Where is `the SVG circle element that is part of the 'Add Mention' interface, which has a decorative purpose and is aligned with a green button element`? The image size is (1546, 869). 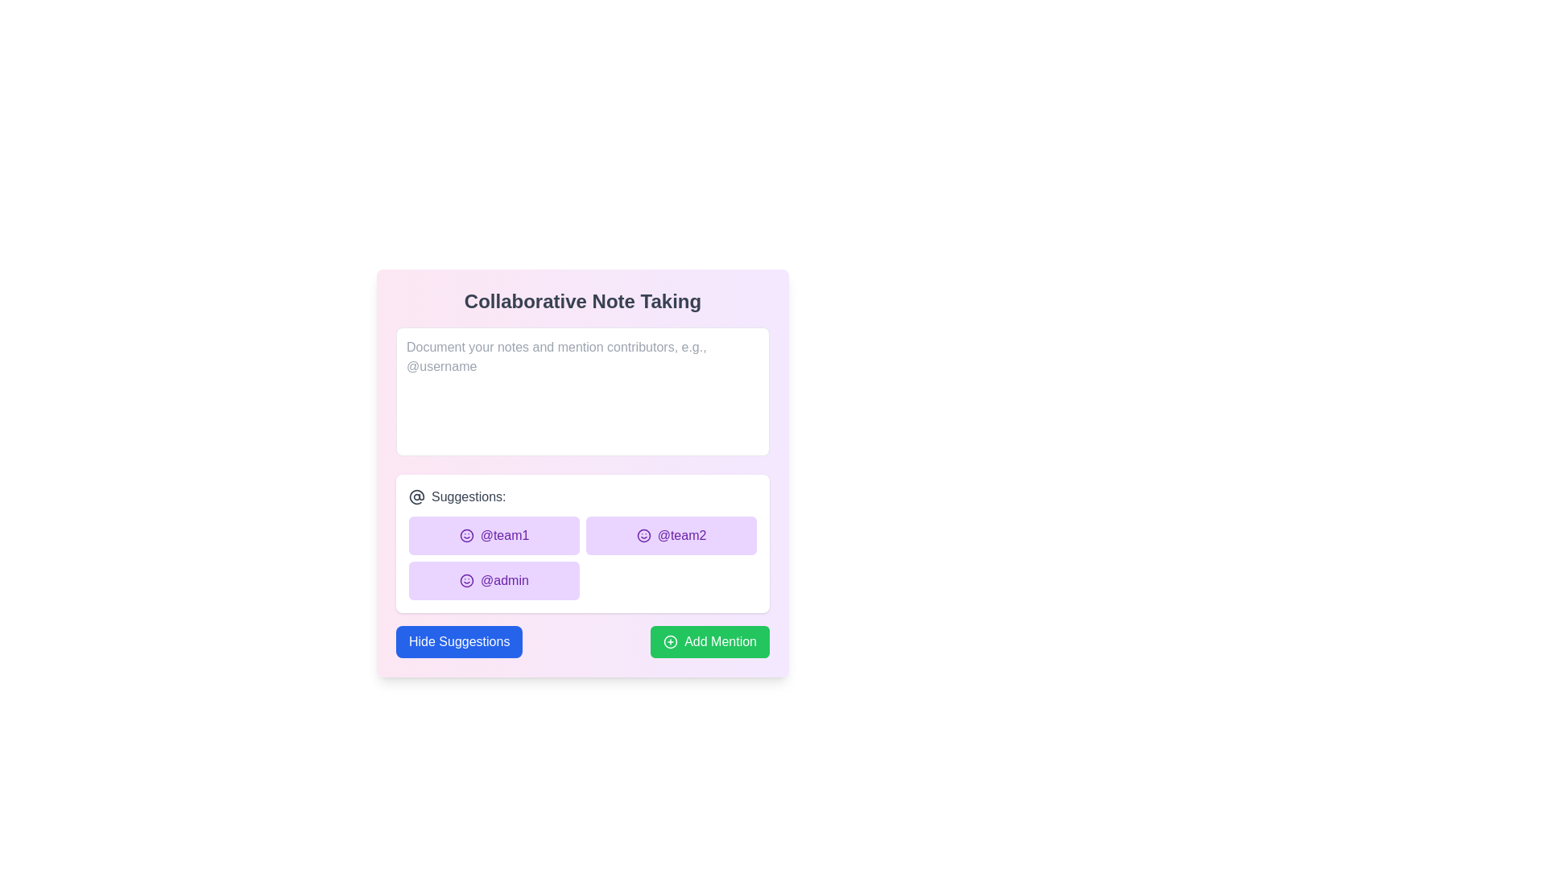 the SVG circle element that is part of the 'Add Mention' interface, which has a decorative purpose and is aligned with a green button element is located at coordinates (671, 641).